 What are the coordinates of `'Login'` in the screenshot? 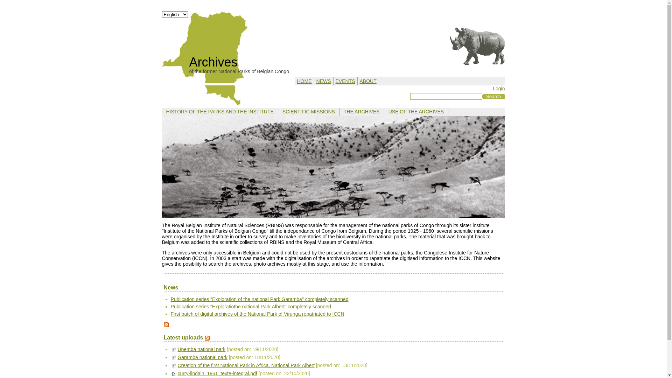 It's located at (492, 88).